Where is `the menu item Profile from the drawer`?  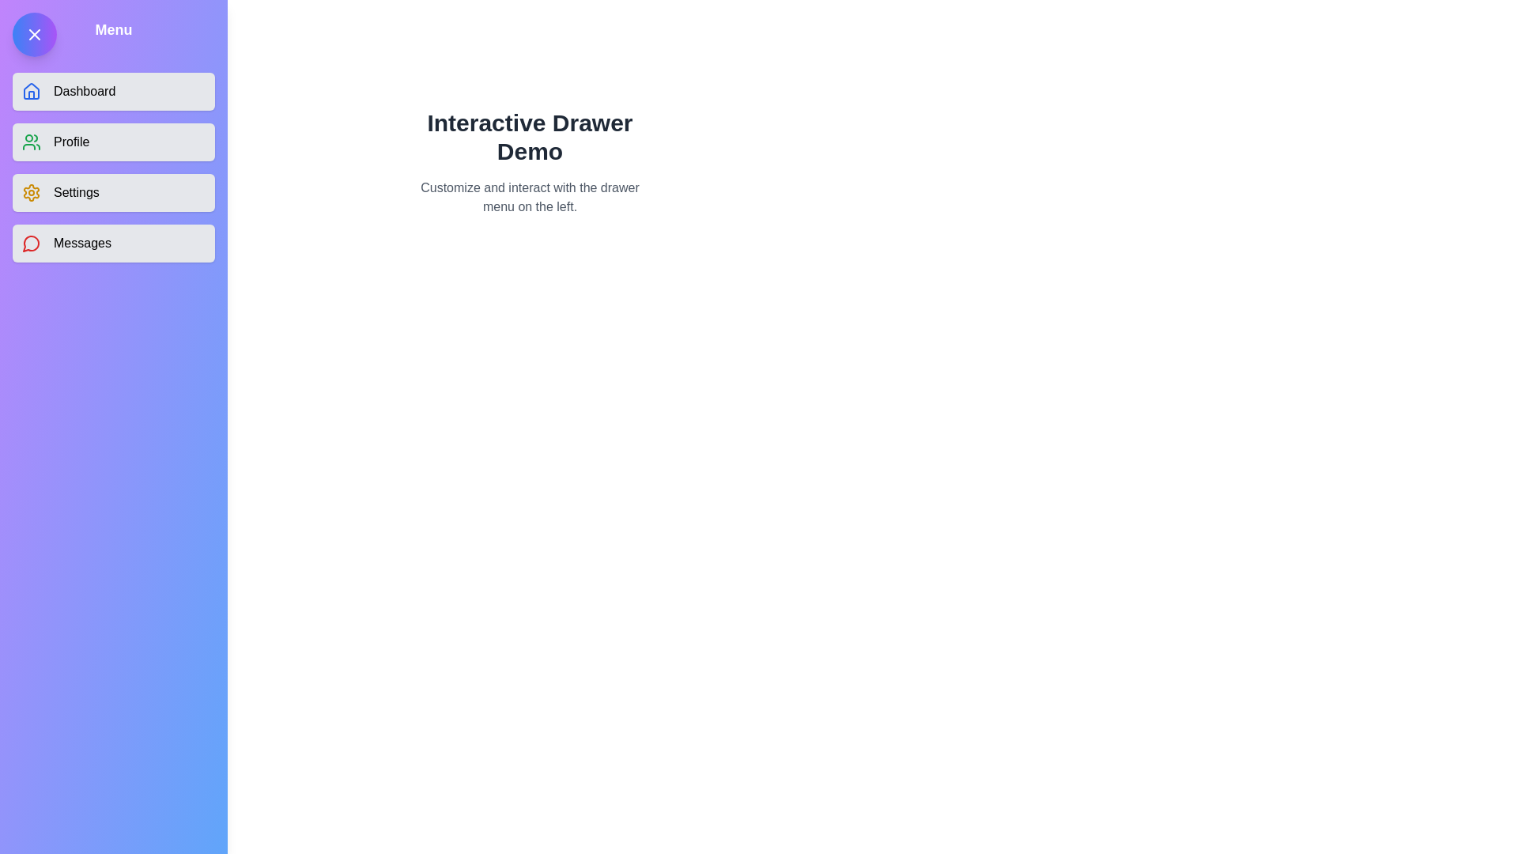
the menu item Profile from the drawer is located at coordinates (113, 142).